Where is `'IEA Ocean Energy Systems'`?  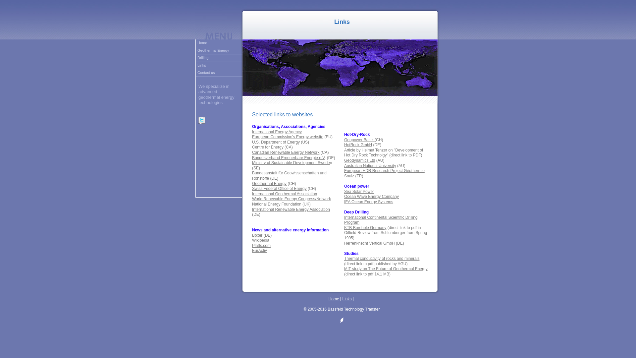
'IEA Ocean Energy Systems' is located at coordinates (368, 202).